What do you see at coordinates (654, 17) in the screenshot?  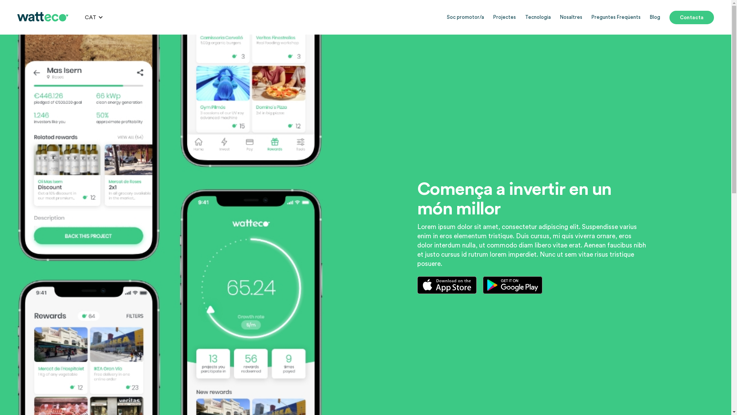 I see `'Blog'` at bounding box center [654, 17].